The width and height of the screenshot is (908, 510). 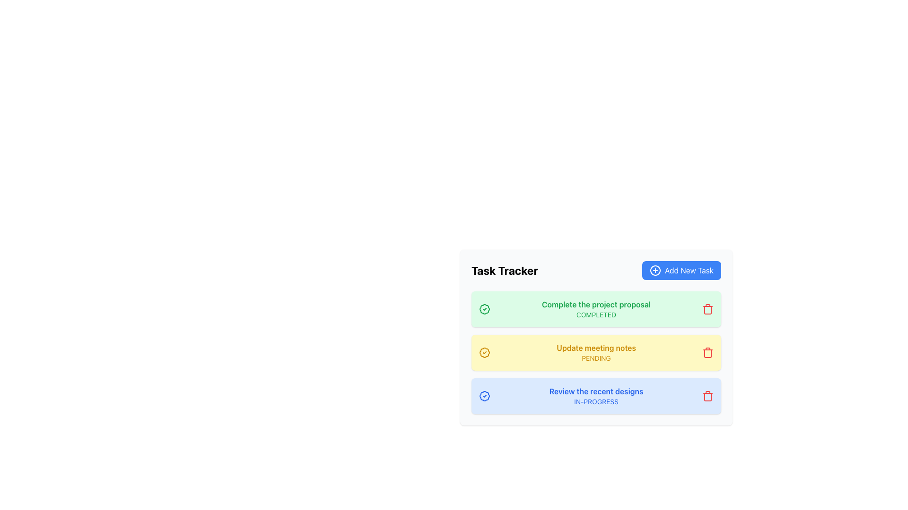 I want to click on the red trash icon located at the top right corner of the 'Complete the project proposal' task card, so click(x=708, y=309).